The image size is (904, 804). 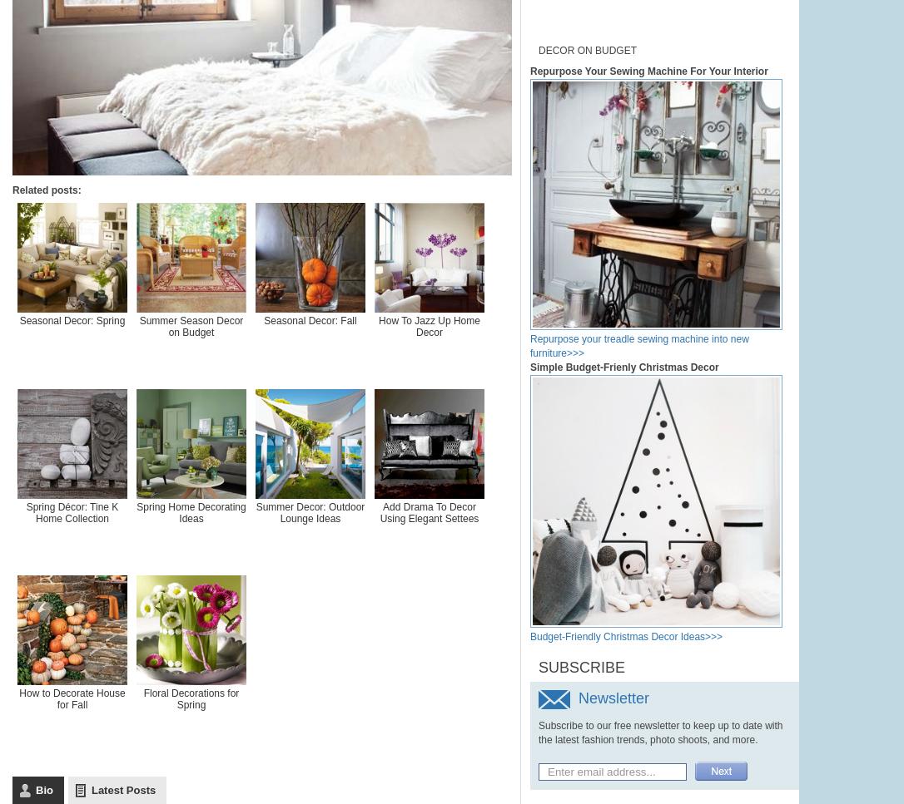 What do you see at coordinates (623, 367) in the screenshot?
I see `'Simple Budget-Frienly Christmas Decor'` at bounding box center [623, 367].